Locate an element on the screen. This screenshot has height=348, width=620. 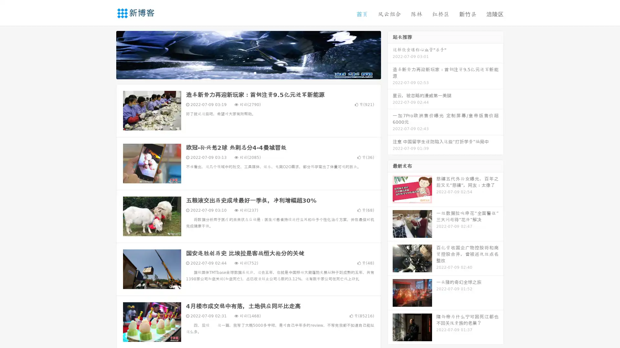
Go to slide 1 is located at coordinates (242, 72).